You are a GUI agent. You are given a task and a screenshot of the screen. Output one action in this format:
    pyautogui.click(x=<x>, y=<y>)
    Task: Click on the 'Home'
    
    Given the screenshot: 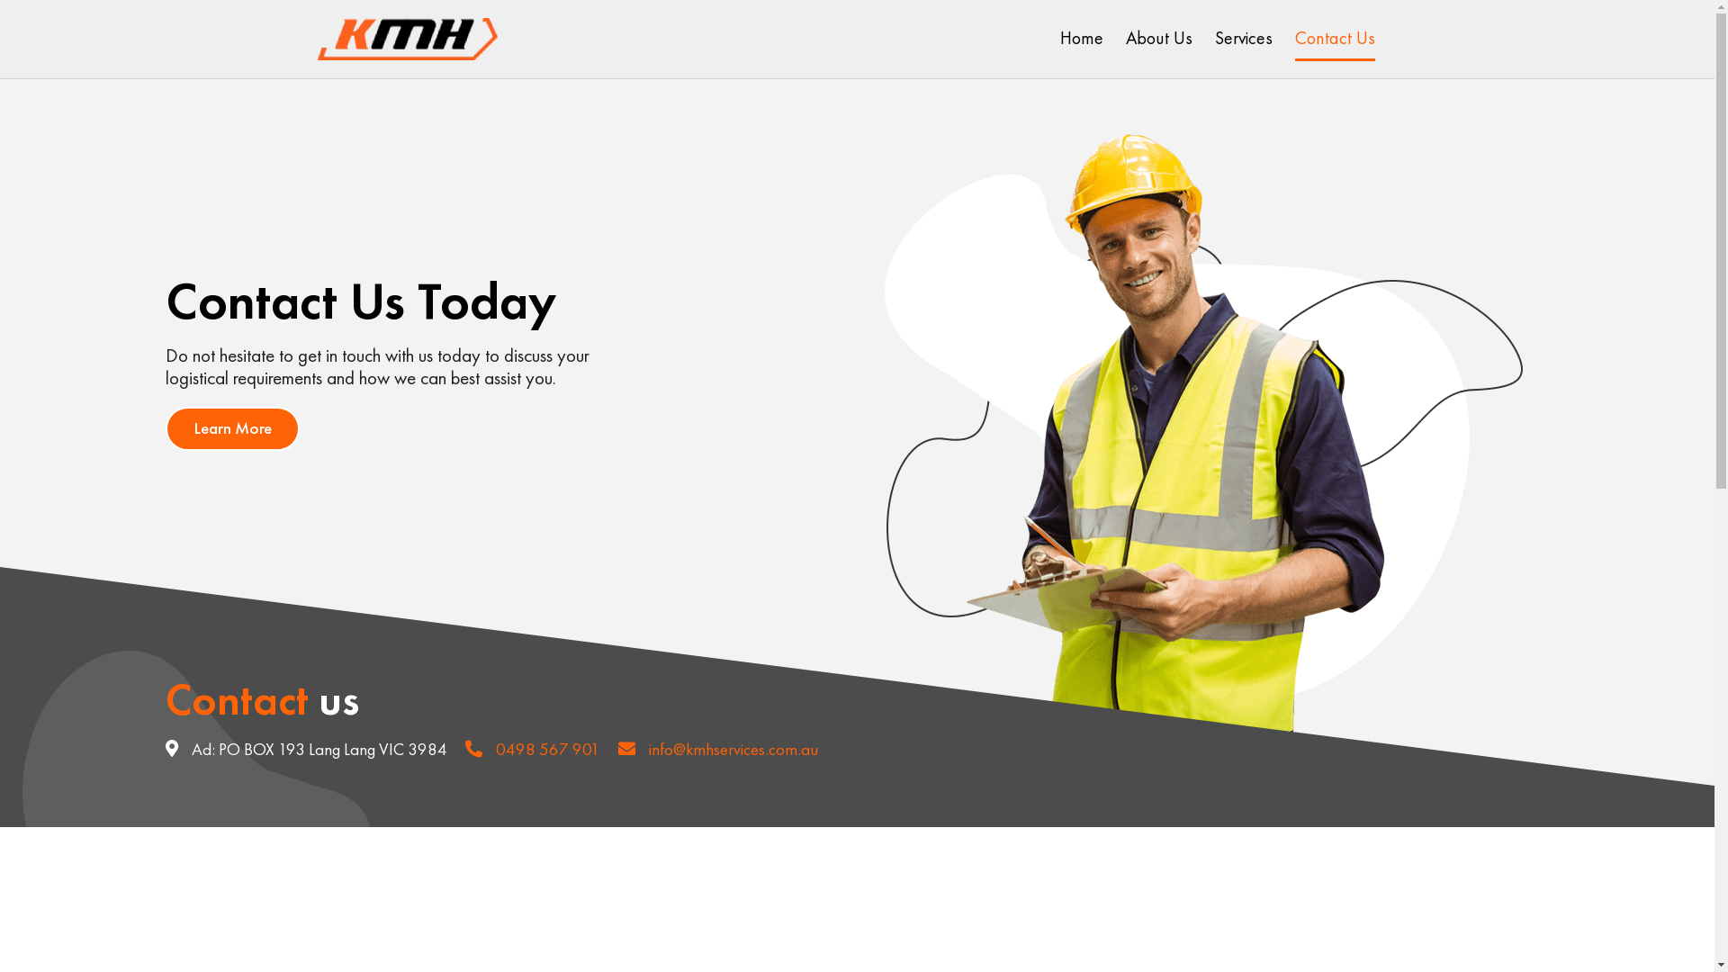 What is the action you would take?
    pyautogui.click(x=1080, y=38)
    